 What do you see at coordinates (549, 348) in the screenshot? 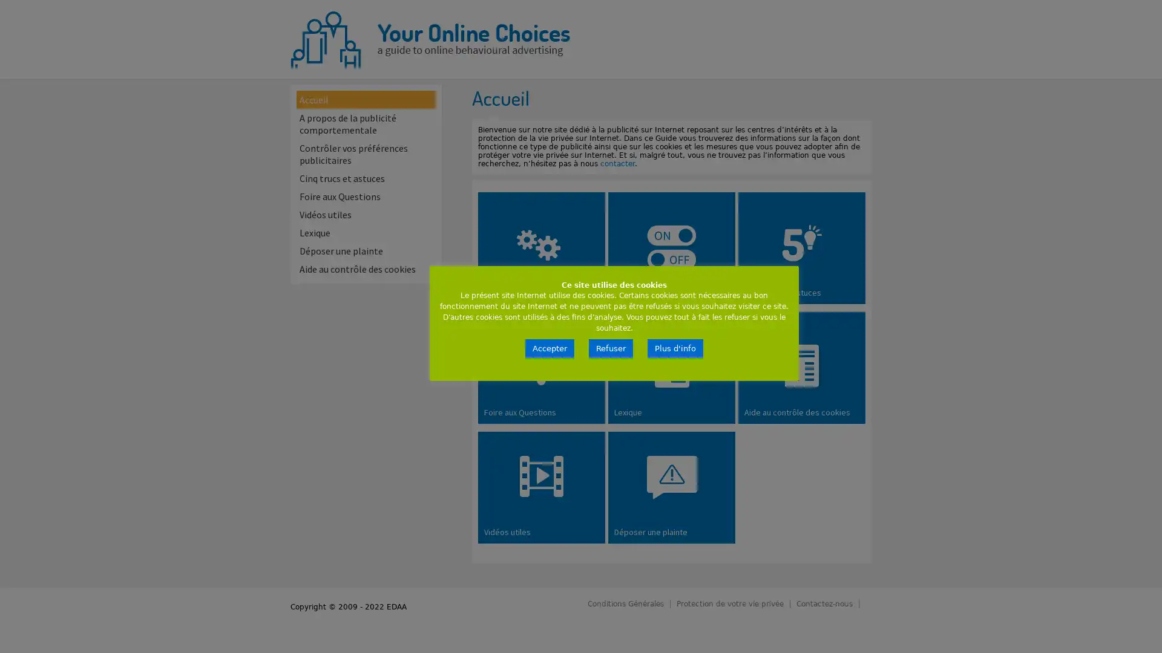
I see `Accepter` at bounding box center [549, 348].